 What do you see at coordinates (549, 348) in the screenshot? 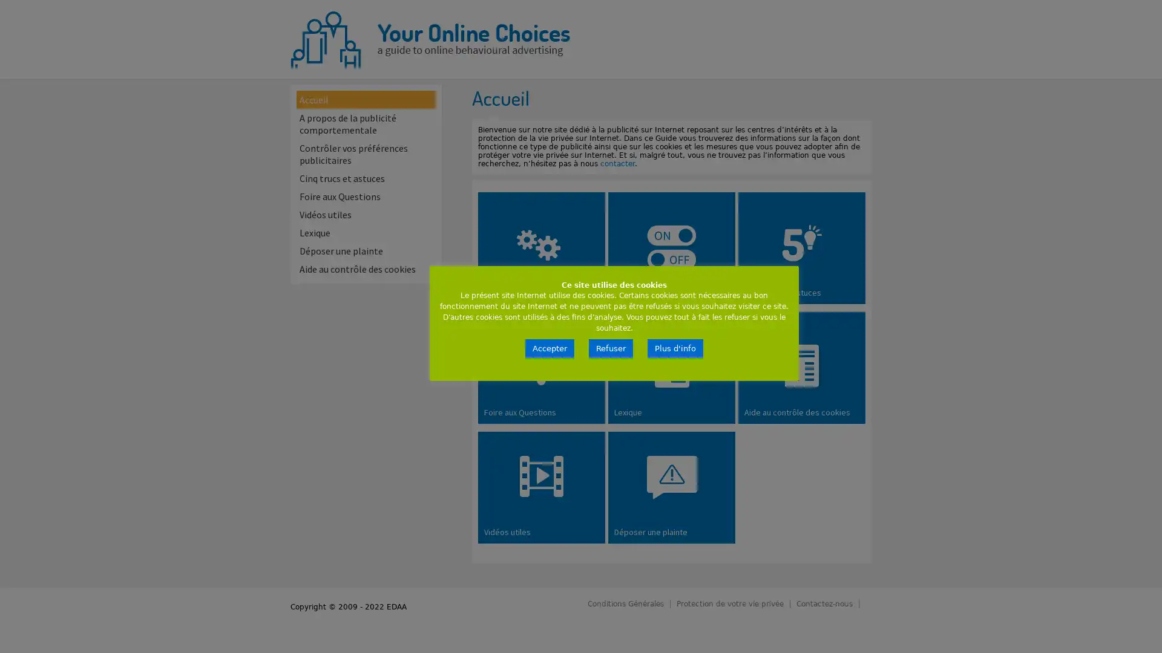
I see `Accepter` at bounding box center [549, 348].